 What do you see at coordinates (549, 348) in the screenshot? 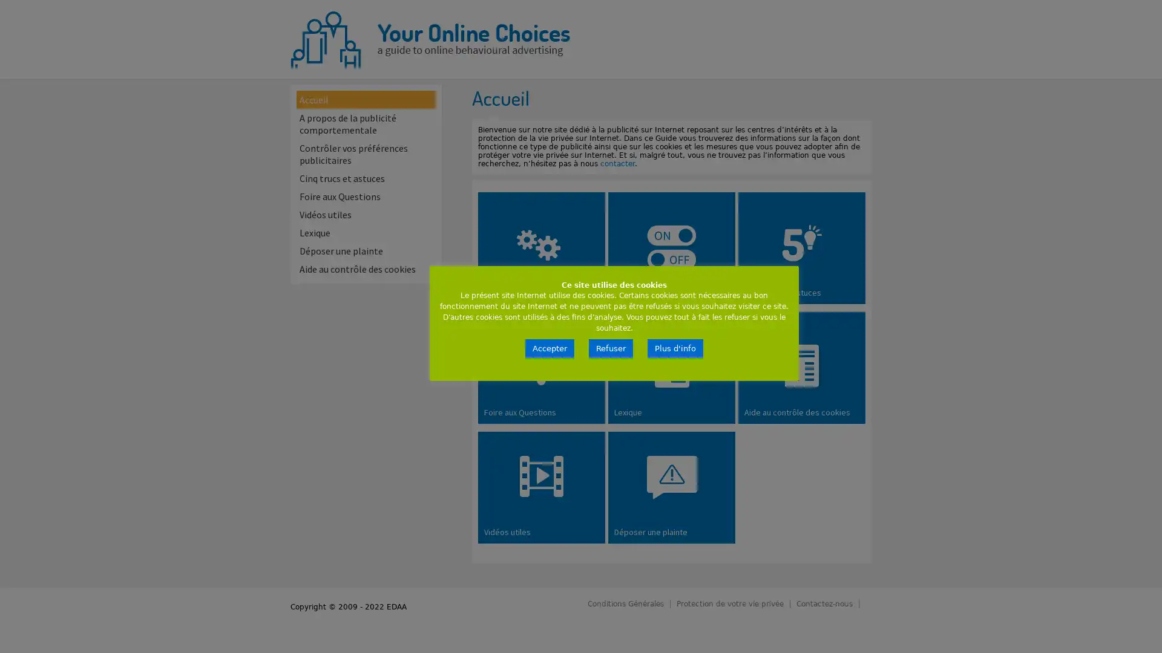
I see `Accepter` at bounding box center [549, 348].